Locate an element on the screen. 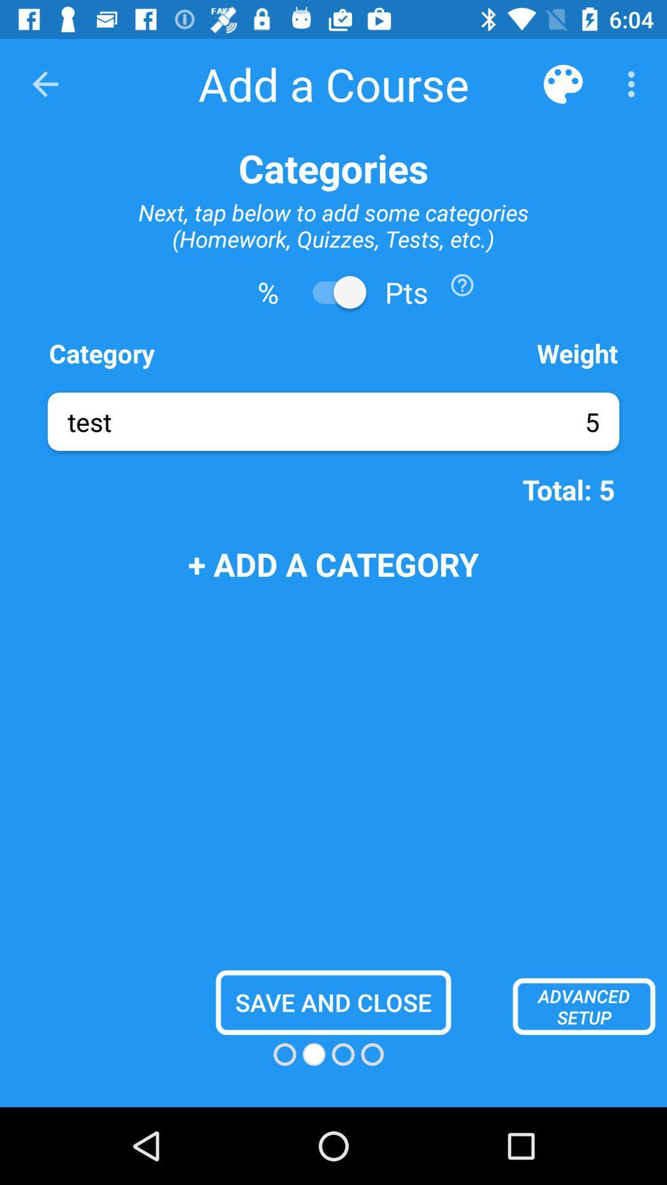 Image resolution: width=667 pixels, height=1185 pixels. item next to the save and close icon is located at coordinates (584, 1006).